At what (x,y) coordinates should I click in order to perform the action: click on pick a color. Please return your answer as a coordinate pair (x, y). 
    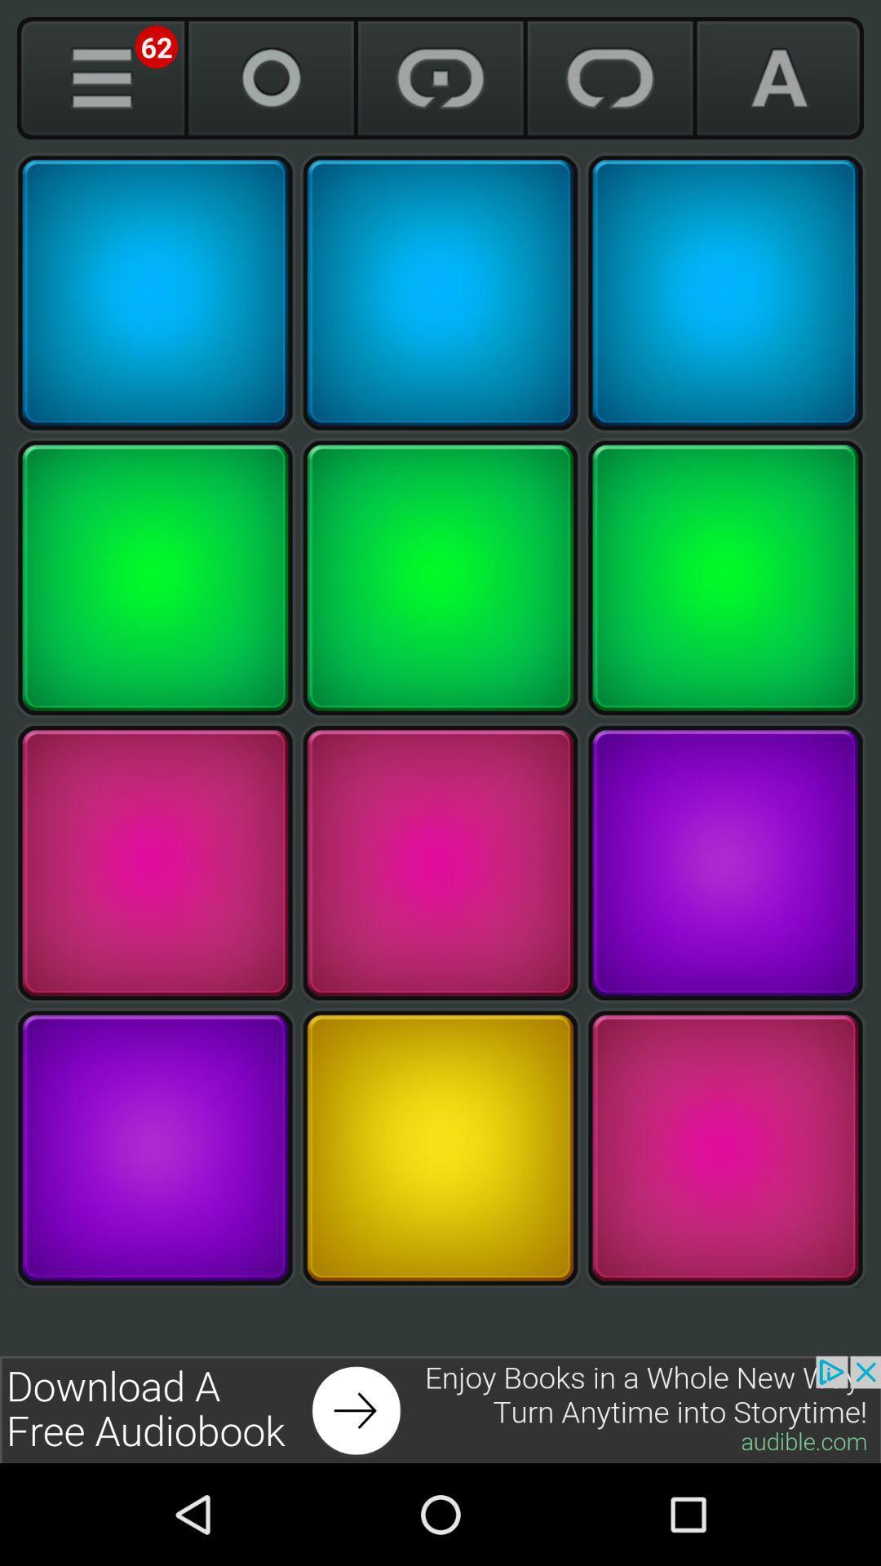
    Looking at the image, I should click on (155, 862).